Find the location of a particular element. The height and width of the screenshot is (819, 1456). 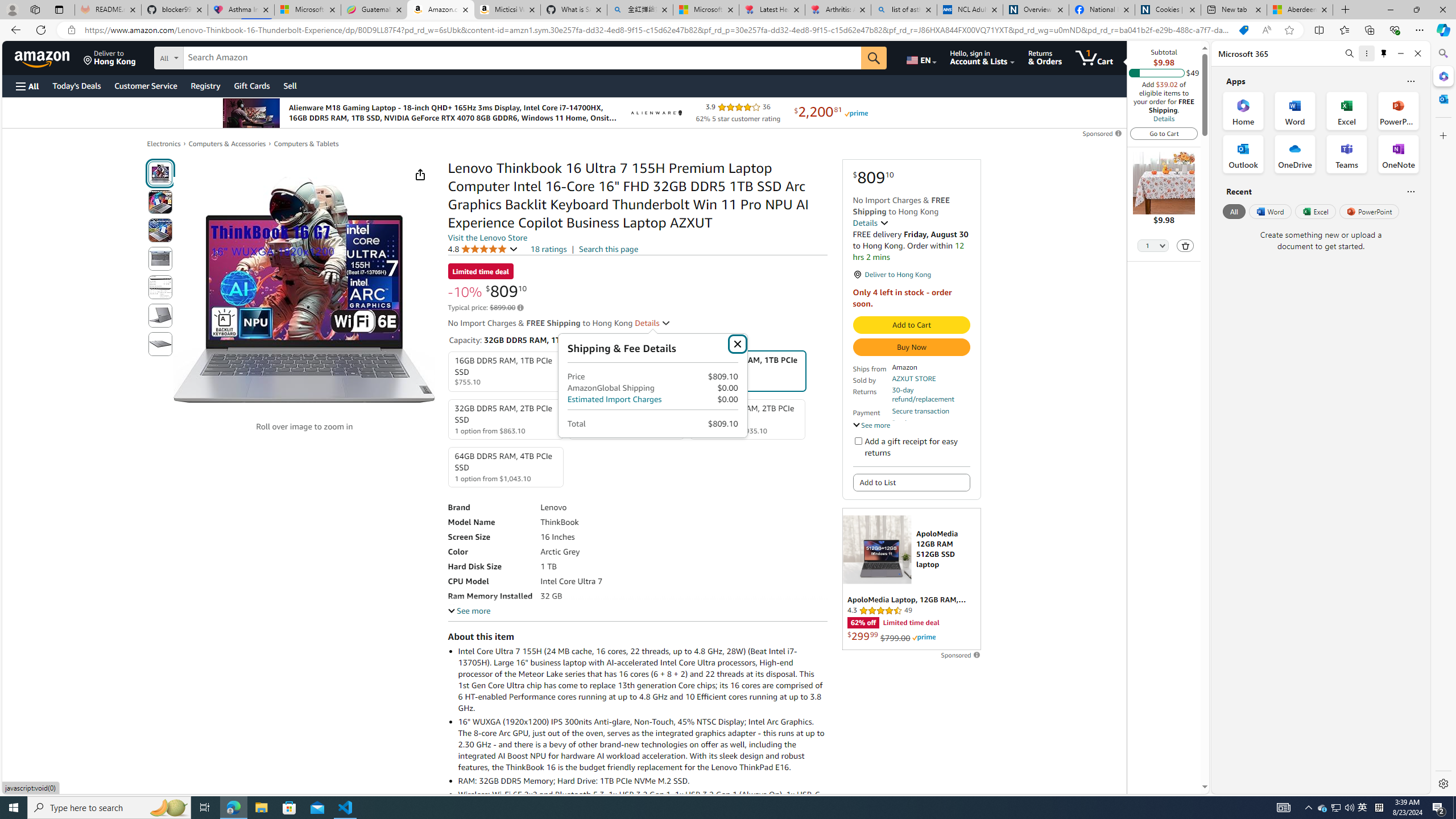

'Excel' is located at coordinates (1314, 211).